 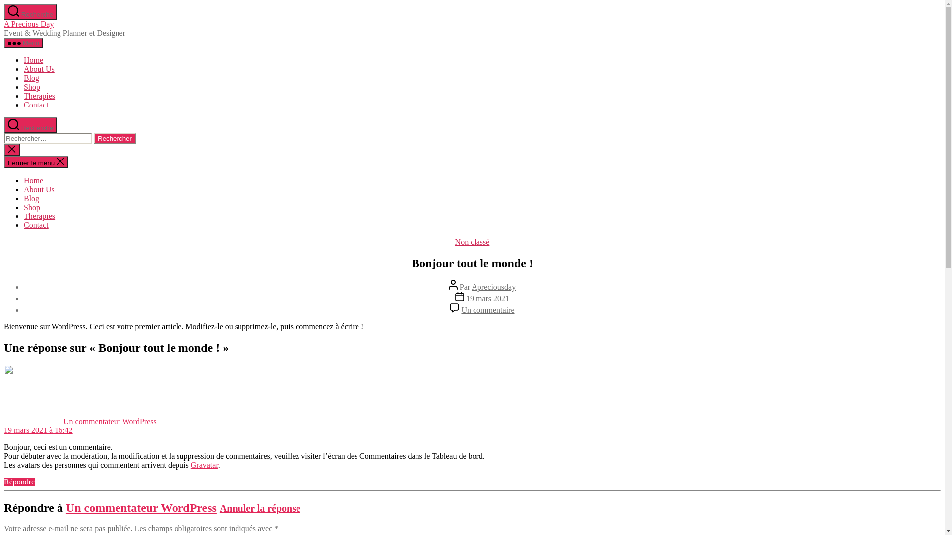 What do you see at coordinates (493, 287) in the screenshot?
I see `'Apreciousday'` at bounding box center [493, 287].